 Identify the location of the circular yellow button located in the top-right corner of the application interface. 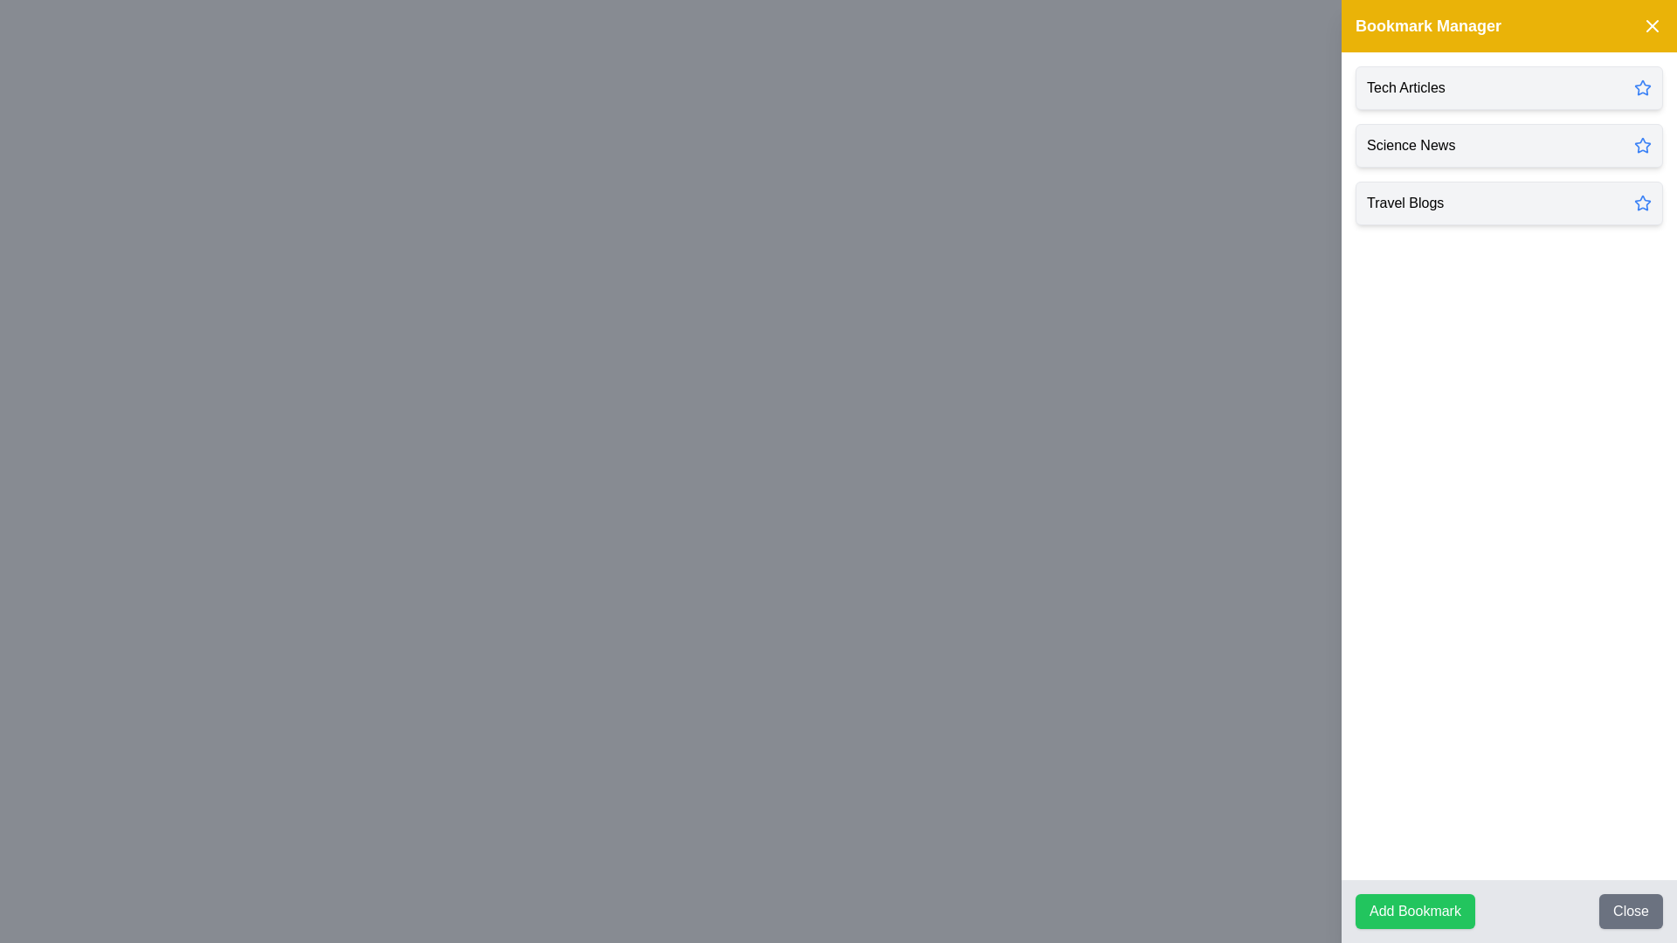
(1639, 37).